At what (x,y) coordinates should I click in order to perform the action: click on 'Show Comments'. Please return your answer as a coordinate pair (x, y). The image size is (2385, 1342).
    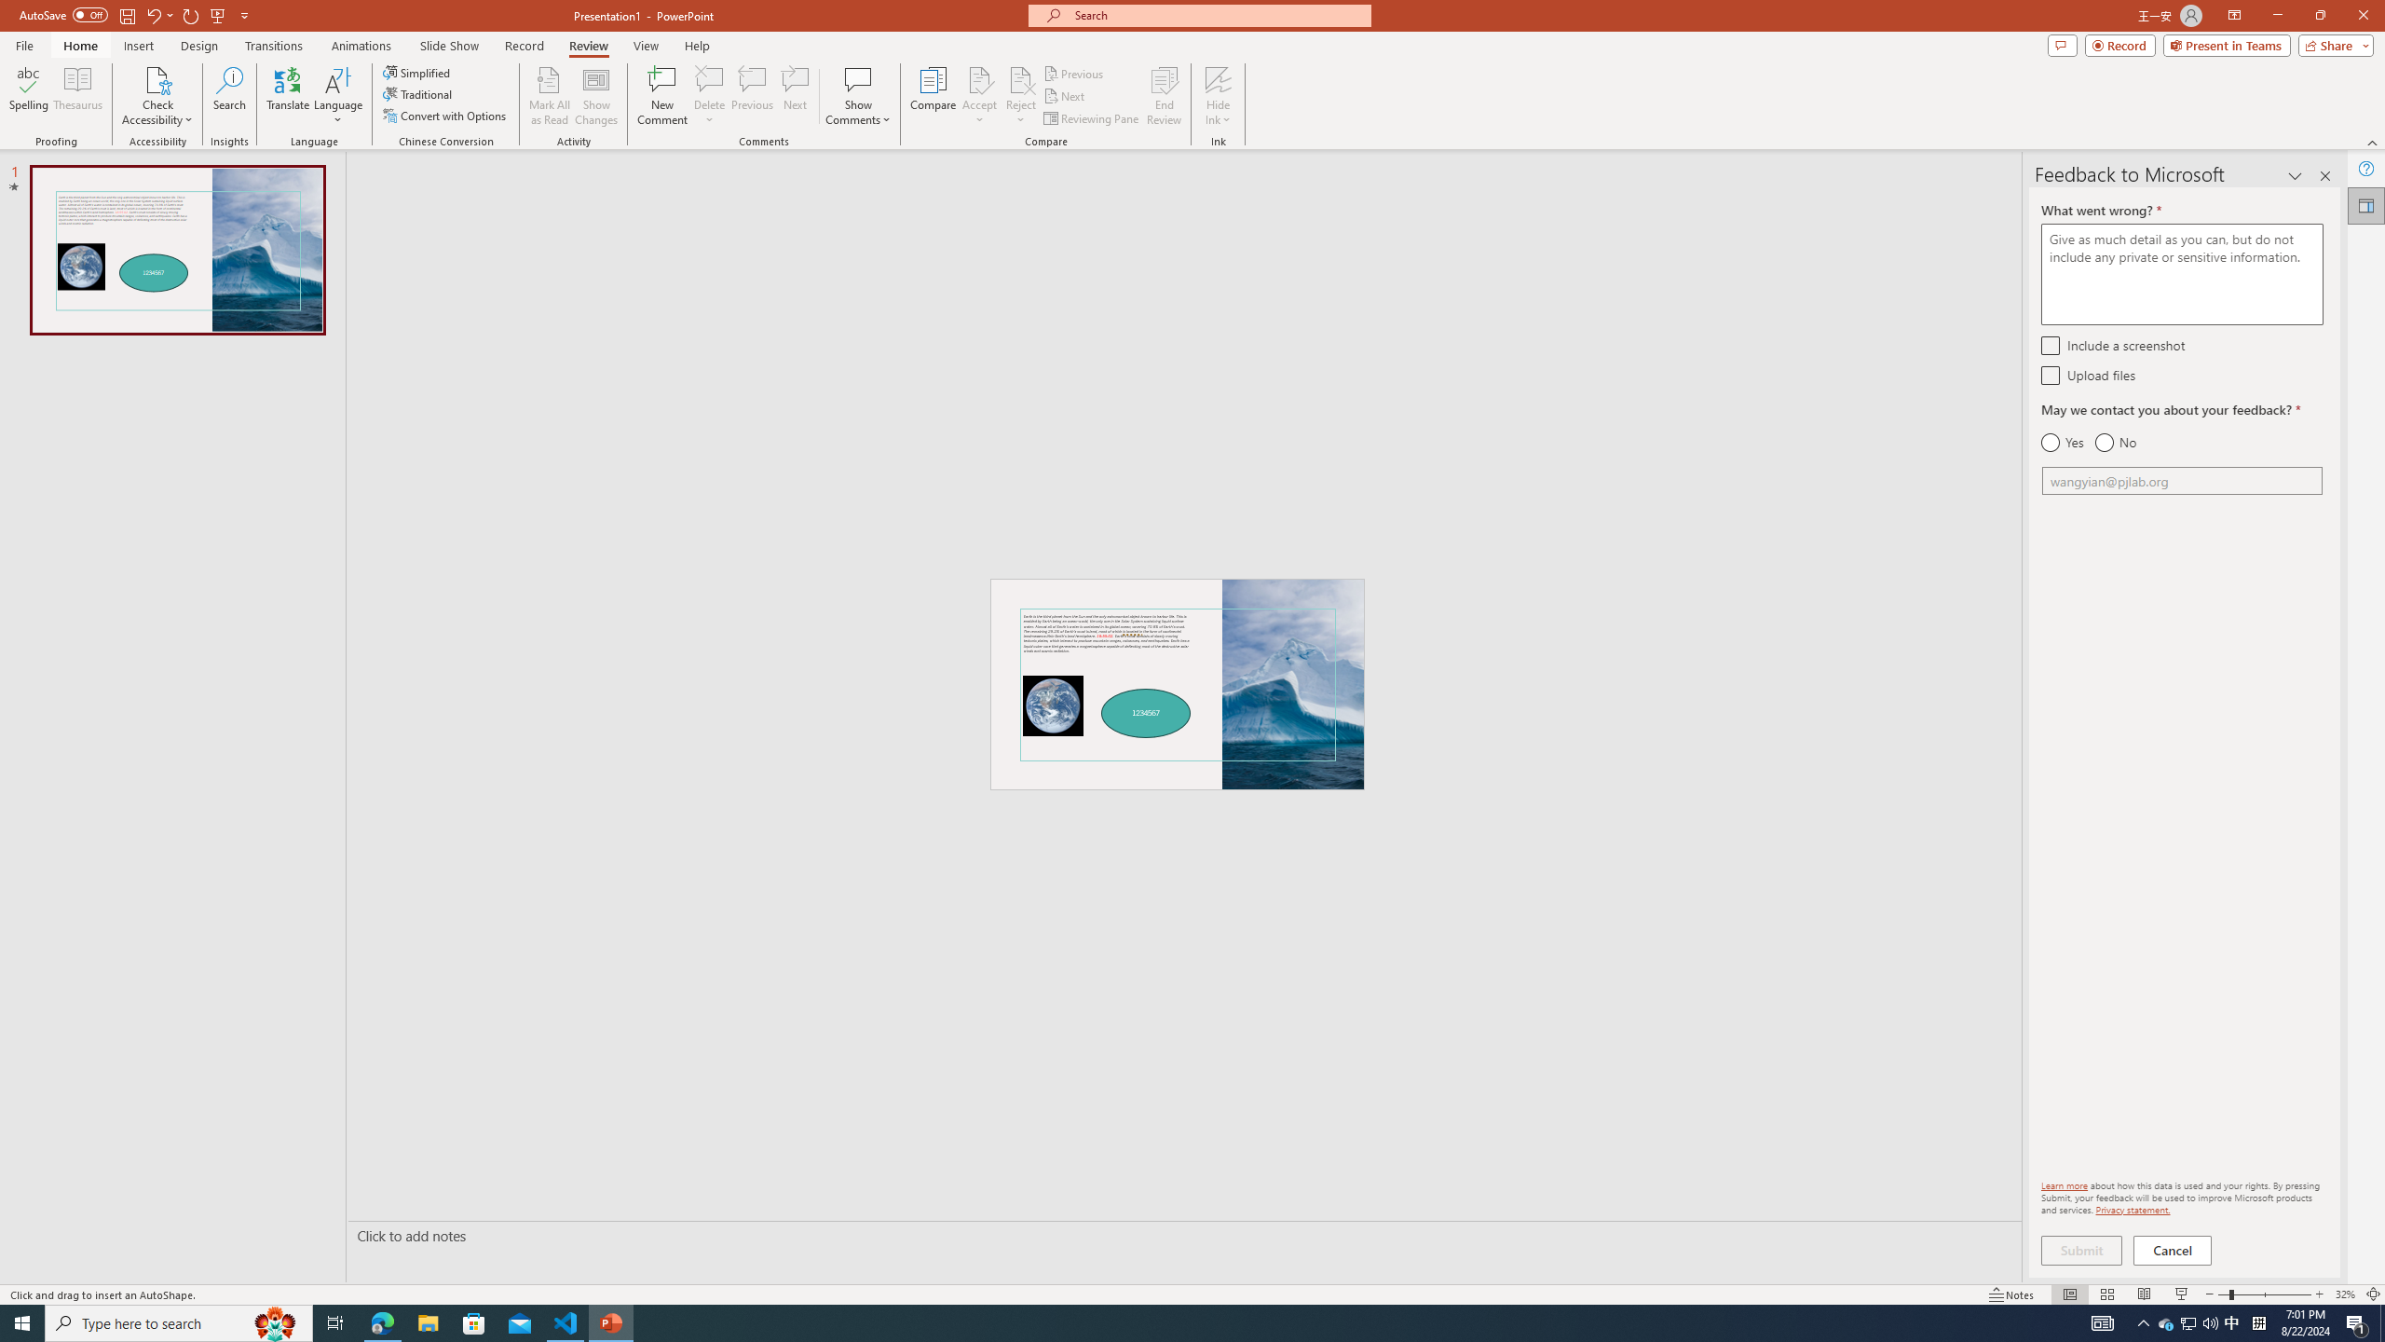
    Looking at the image, I should click on (858, 96).